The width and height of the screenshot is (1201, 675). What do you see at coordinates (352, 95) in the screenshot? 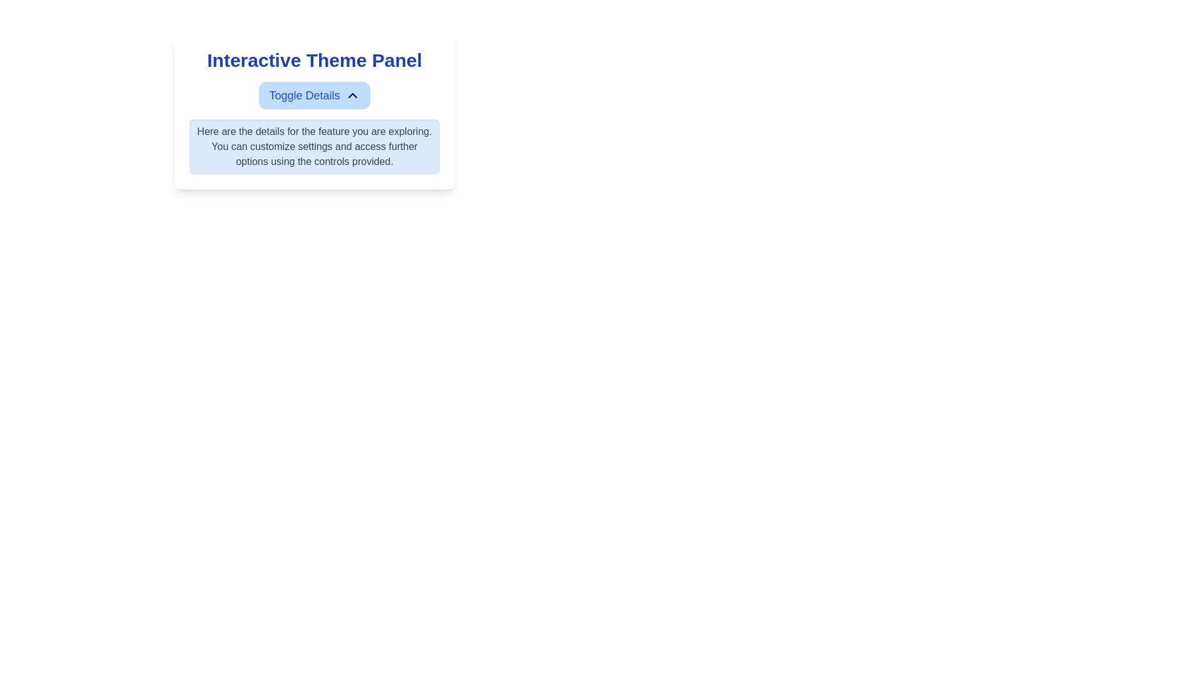
I see `the small upward-facing chevron icon with a minimalistic black outline on a light-blue background, located to the right of the 'Toggle Details' text` at bounding box center [352, 95].